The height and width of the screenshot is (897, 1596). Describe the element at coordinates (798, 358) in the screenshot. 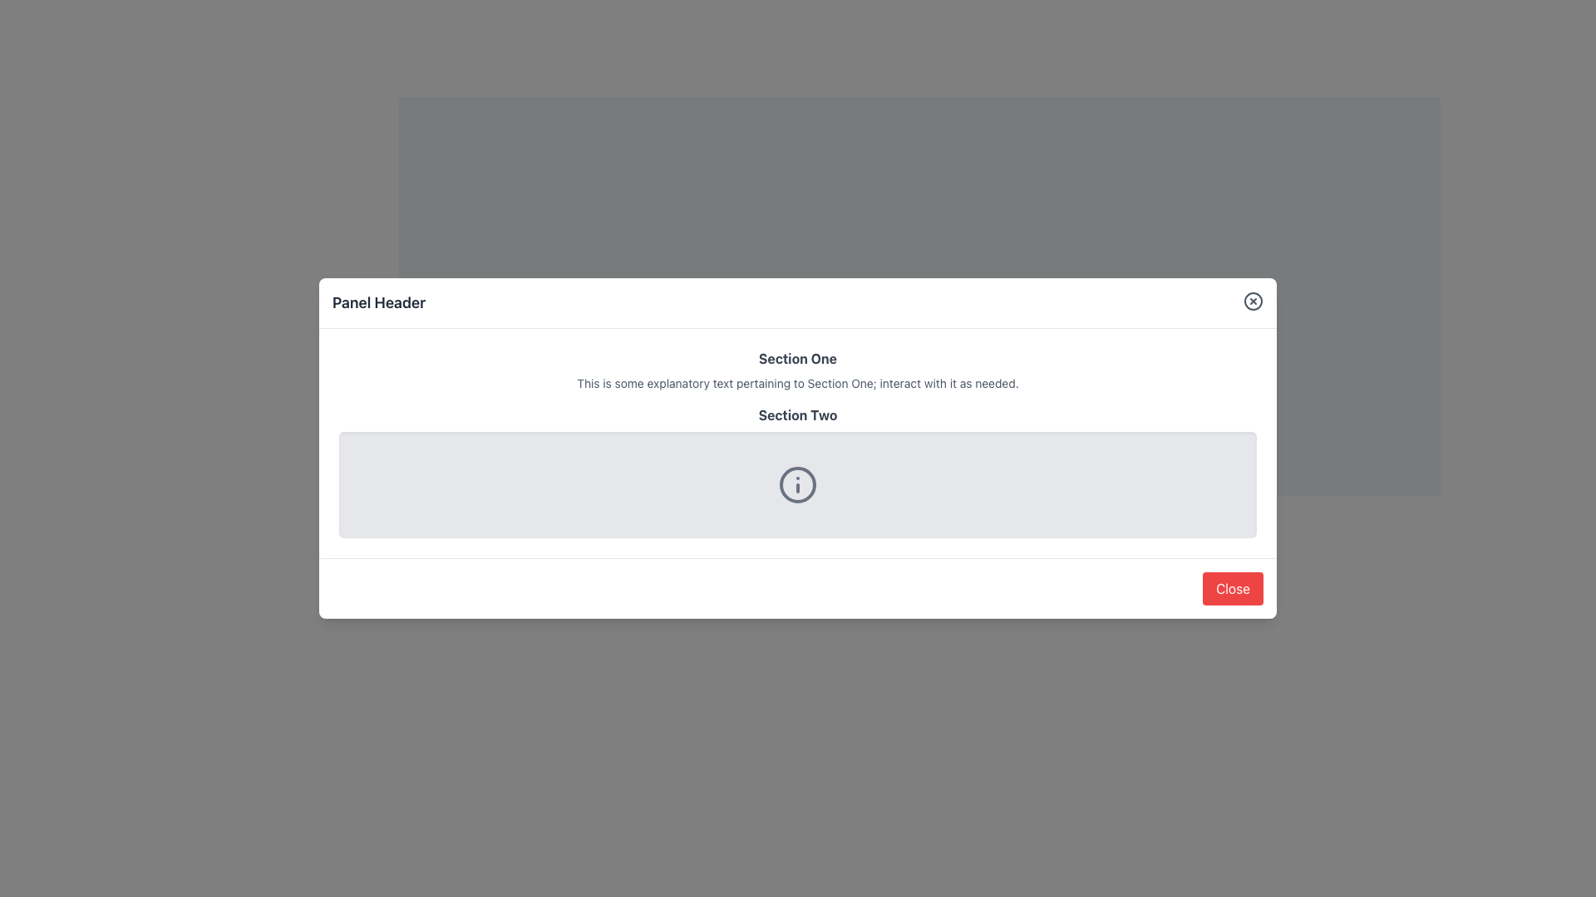

I see `static header element located at the top-center of the modal content area, which serves as the title for 'Section One.'` at that location.